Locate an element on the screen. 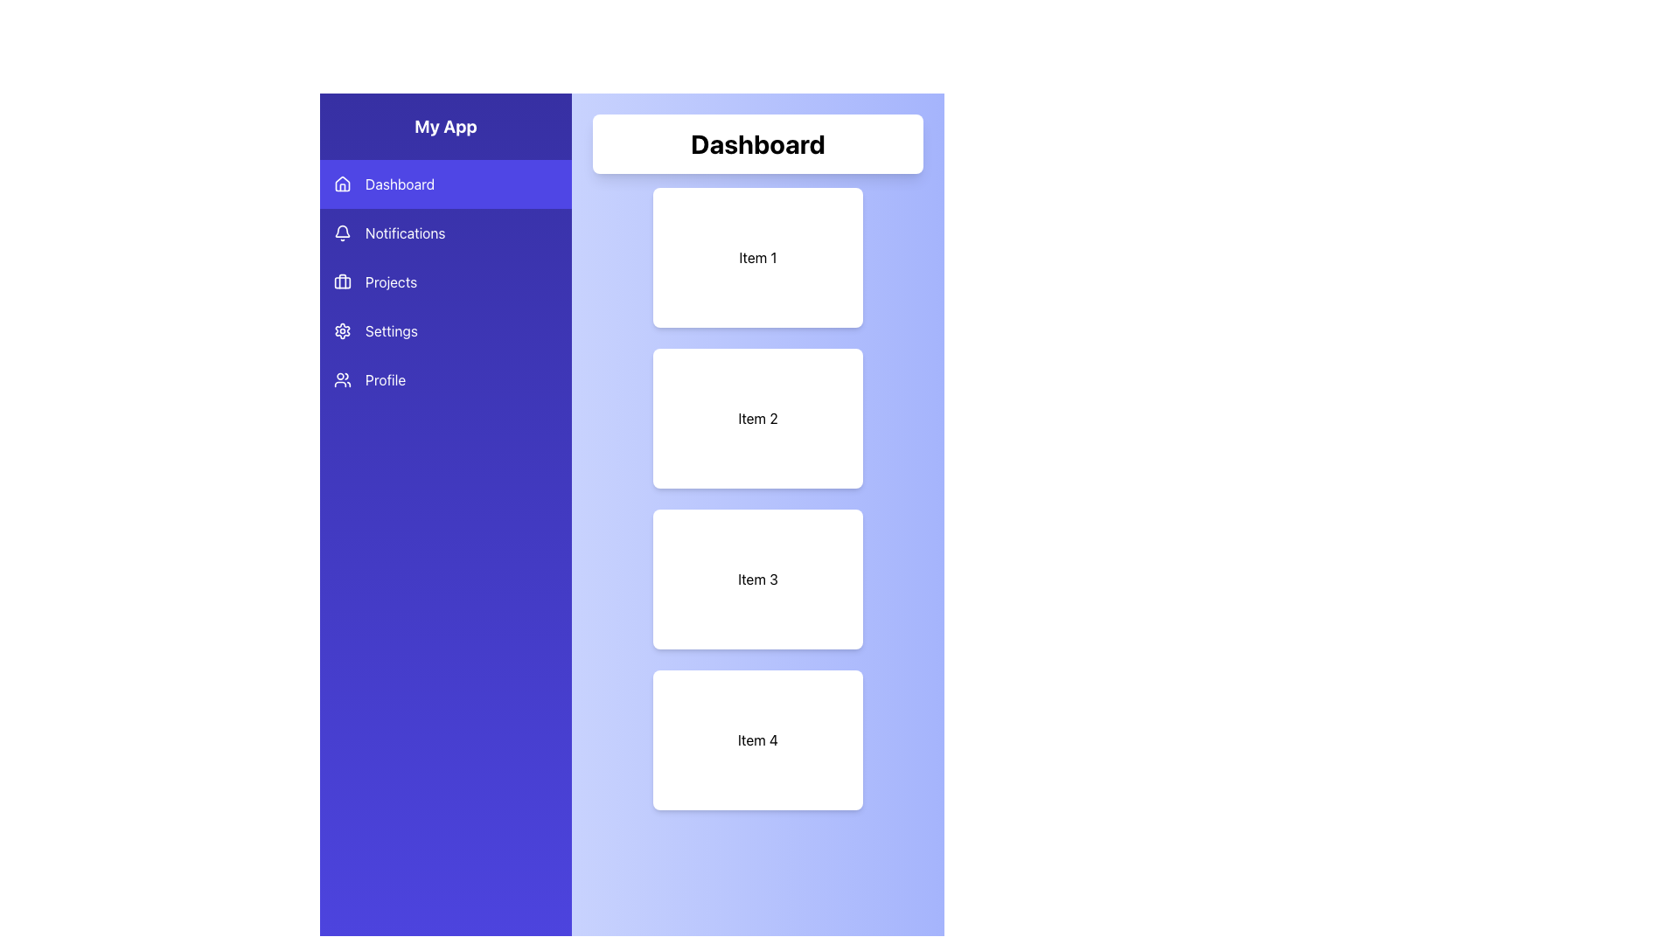 This screenshot has width=1679, height=944. the 'Projects' icon located in the sidebar navigation panel is located at coordinates (343, 281).